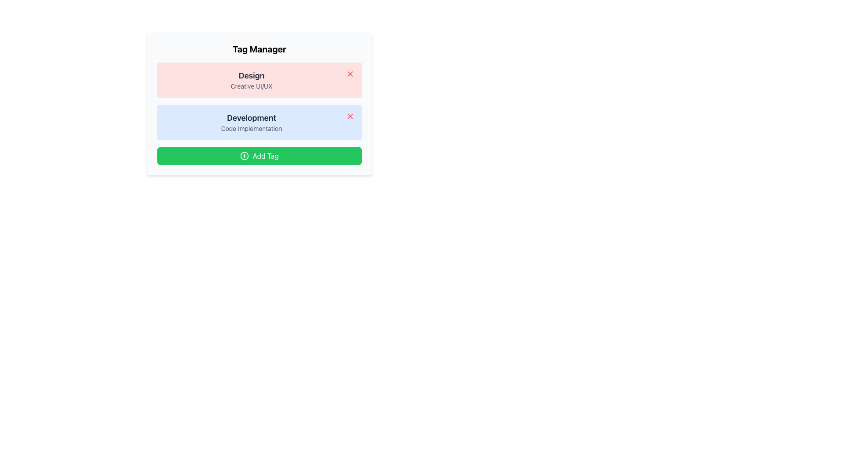  I want to click on the 'X' icon associated with the 'Development' tag, so click(350, 115).